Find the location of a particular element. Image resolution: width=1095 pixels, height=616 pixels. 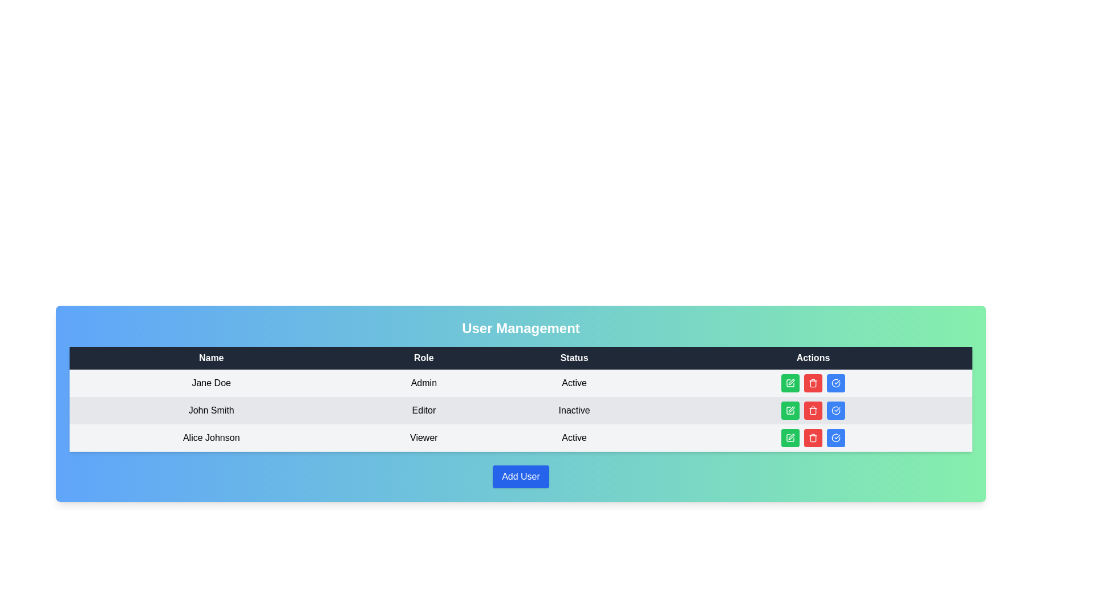

the confirmation SVG icon embedded in the blue button located in the bottom-right corner of the third row in the action buttons column of the table is located at coordinates (836, 383).